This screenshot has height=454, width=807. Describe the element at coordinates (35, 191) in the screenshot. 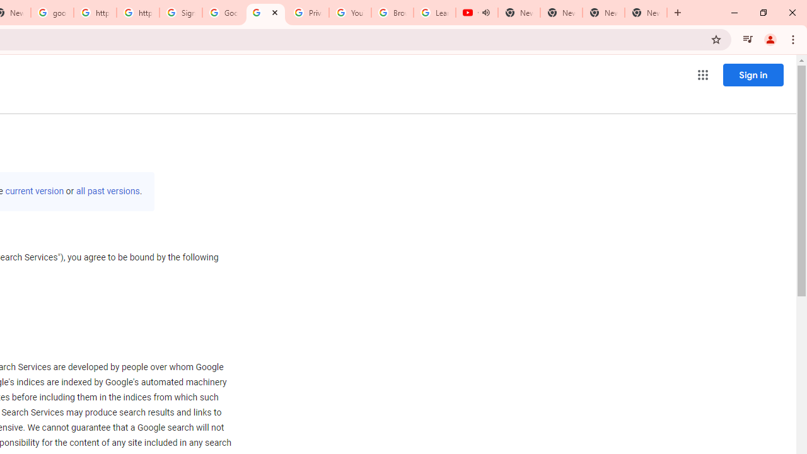

I see `'current version'` at that location.